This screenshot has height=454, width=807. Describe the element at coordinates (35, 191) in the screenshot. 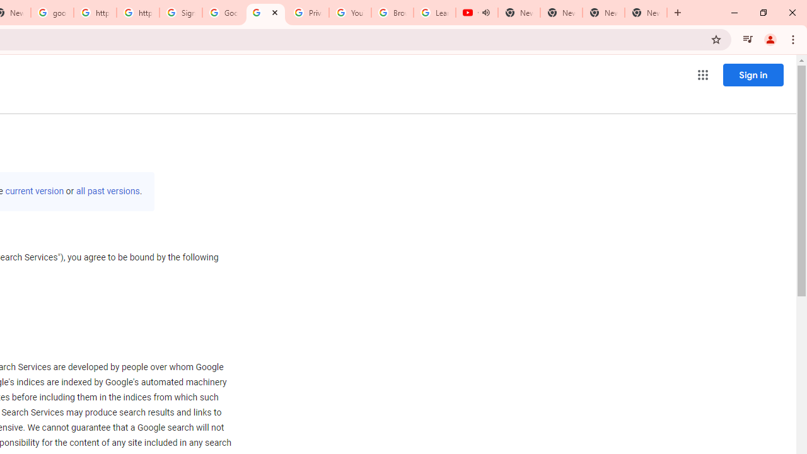

I see `'current version'` at that location.